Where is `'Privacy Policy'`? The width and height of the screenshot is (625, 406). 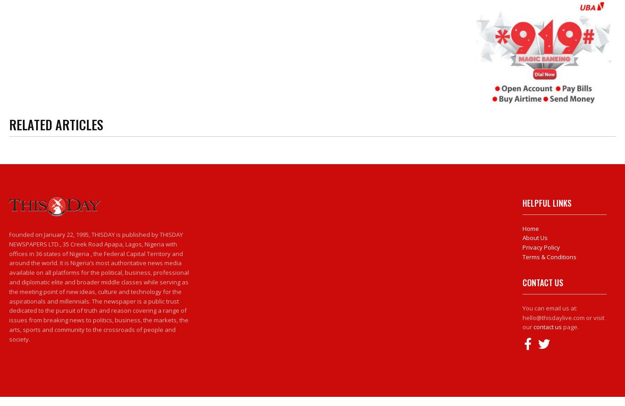 'Privacy Policy' is located at coordinates (540, 246).